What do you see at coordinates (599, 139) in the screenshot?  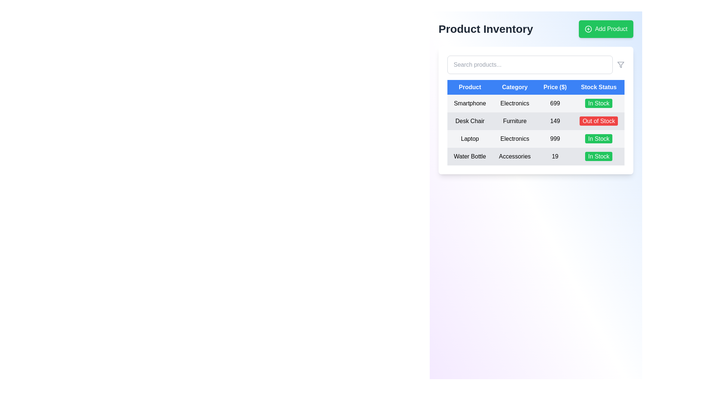 I see `status indicator badge for the 'Laptop' product, which shows that it is currently available in stock, located in the fourth column of the third row of the table` at bounding box center [599, 139].